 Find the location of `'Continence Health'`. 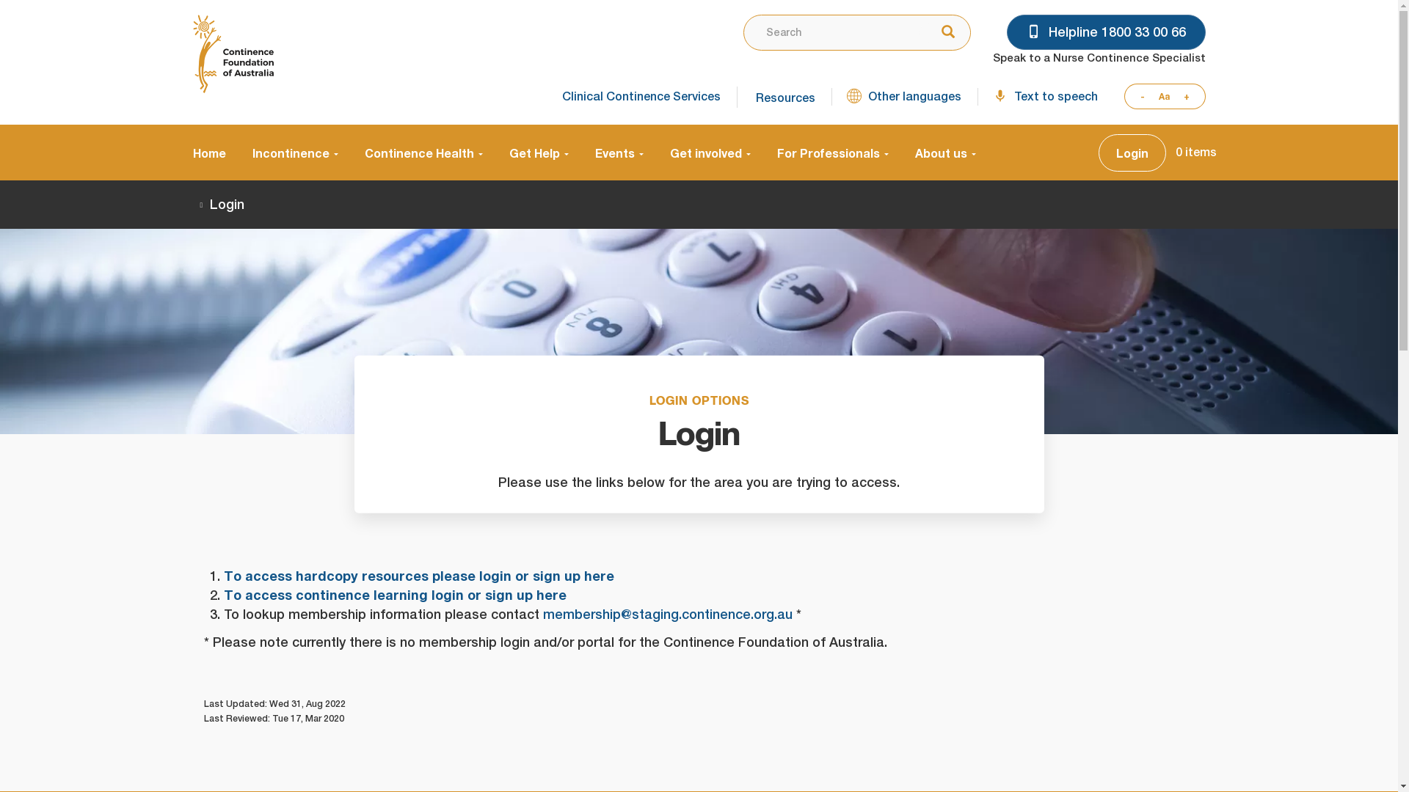

'Continence Health' is located at coordinates (350, 153).